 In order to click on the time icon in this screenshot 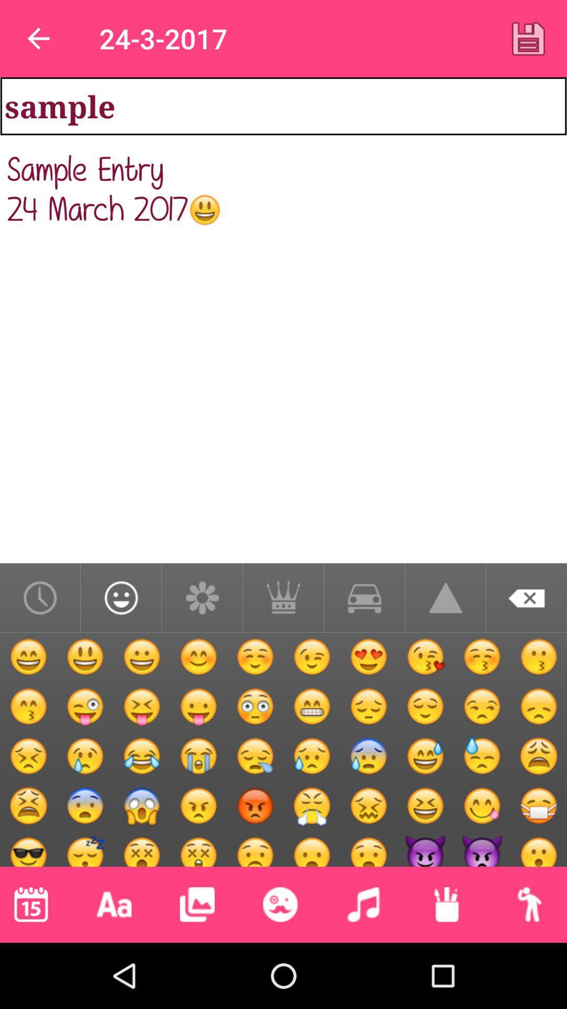, I will do `click(39, 598)`.